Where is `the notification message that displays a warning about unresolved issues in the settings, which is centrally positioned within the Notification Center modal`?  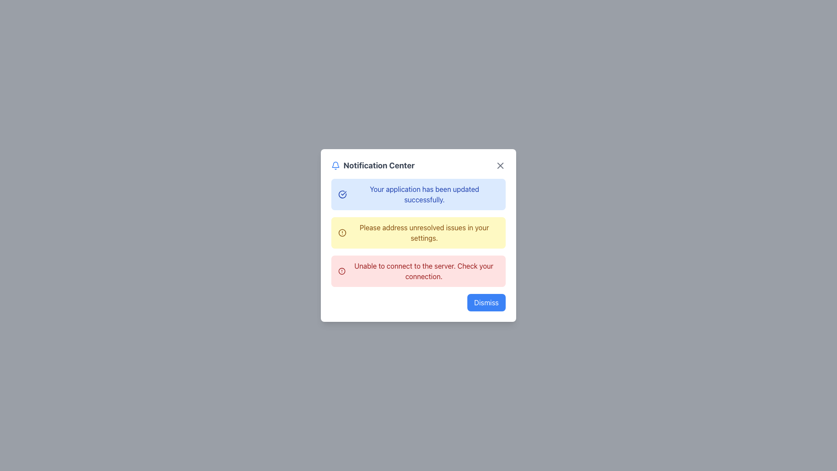 the notification message that displays a warning about unresolved issues in the settings, which is centrally positioned within the Notification Center modal is located at coordinates (418, 232).